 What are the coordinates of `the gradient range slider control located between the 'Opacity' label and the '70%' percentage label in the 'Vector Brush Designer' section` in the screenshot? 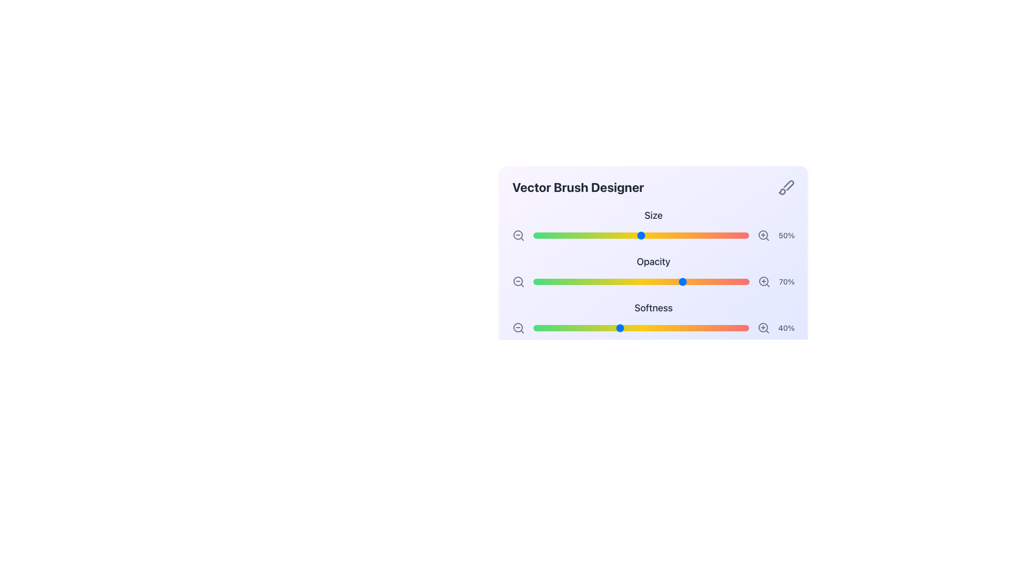 It's located at (641, 281).